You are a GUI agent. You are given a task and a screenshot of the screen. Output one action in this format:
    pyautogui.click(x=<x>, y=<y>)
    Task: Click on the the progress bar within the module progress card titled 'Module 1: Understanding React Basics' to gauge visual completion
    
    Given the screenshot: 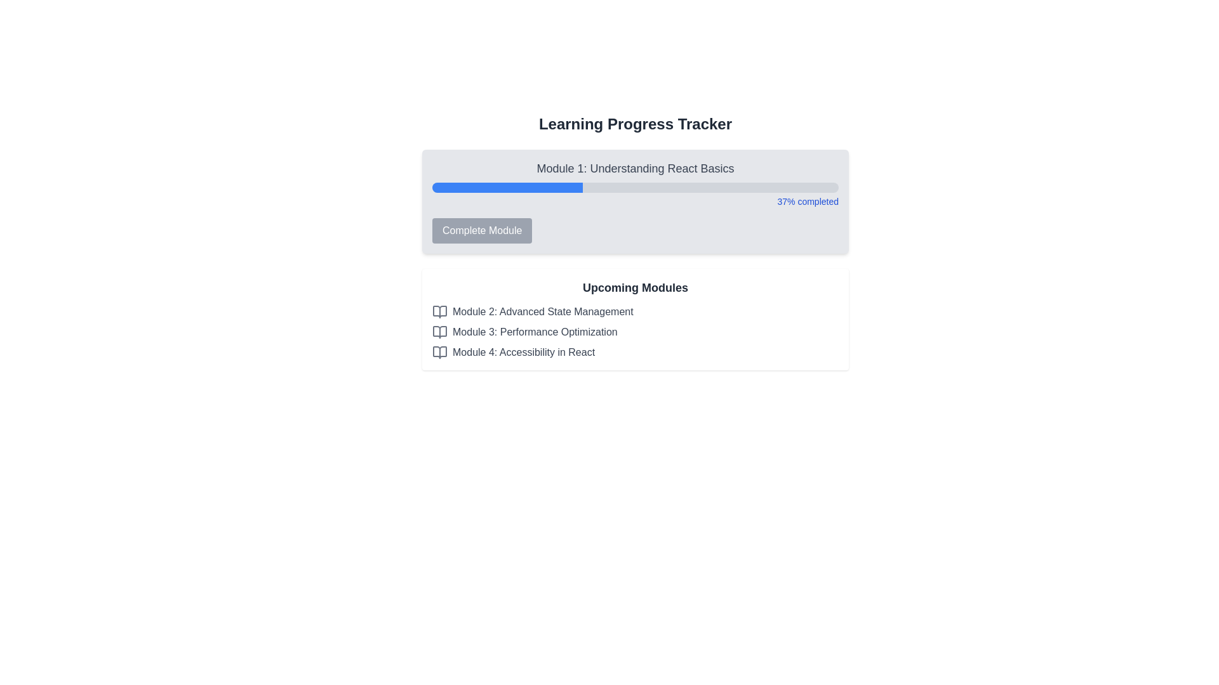 What is the action you would take?
    pyautogui.click(x=636, y=200)
    